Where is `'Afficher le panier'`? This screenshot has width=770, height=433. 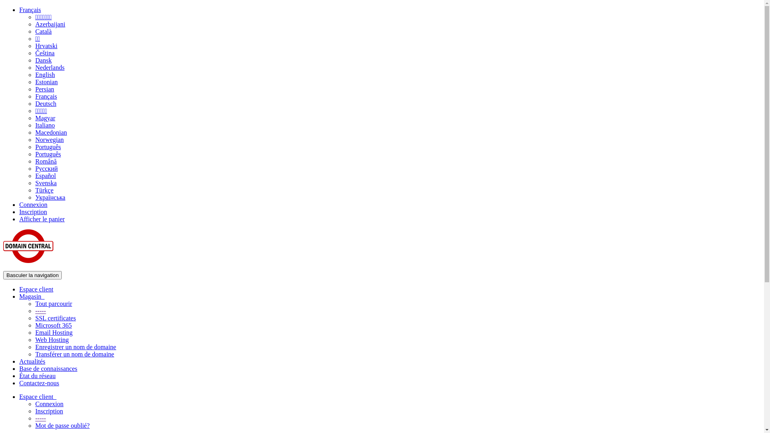
'Afficher le panier' is located at coordinates (19, 219).